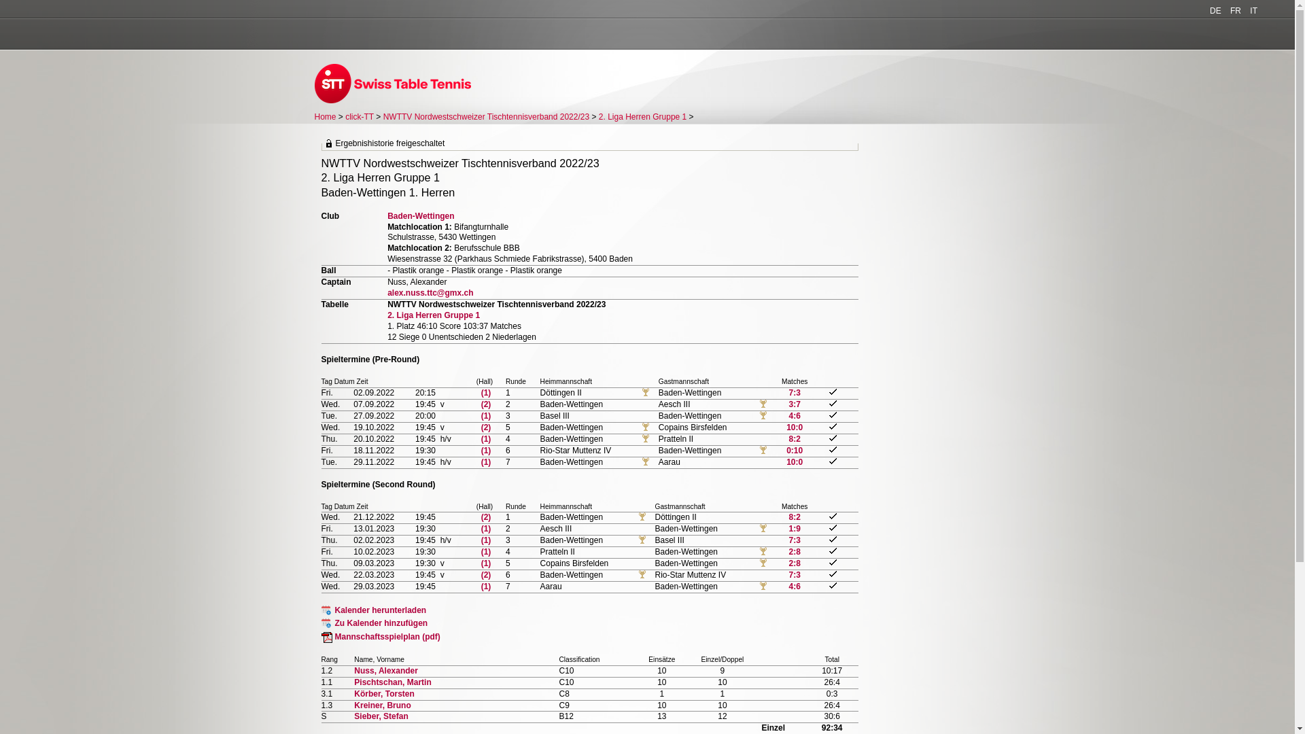  What do you see at coordinates (763, 563) in the screenshot?
I see `'Victory'` at bounding box center [763, 563].